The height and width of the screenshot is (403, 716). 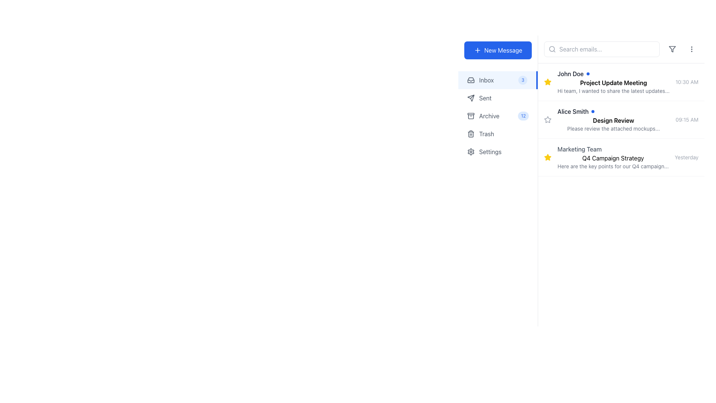 I want to click on the Badge or Notification Indicator located adjacent to the 'Archive' text in the left-side navigation bar, which displays a count of items categorized under 'Archive', so click(x=523, y=116).